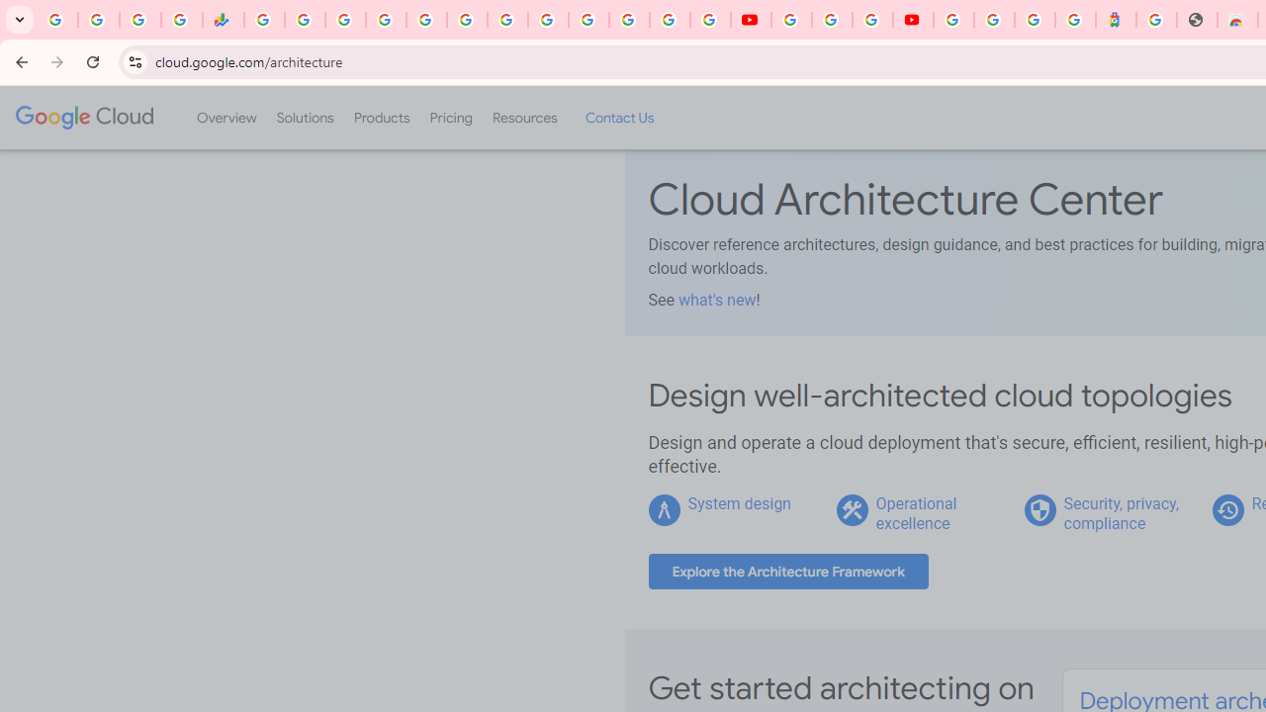 The height and width of the screenshot is (712, 1266). What do you see at coordinates (716, 300) in the screenshot?
I see `'what'` at bounding box center [716, 300].